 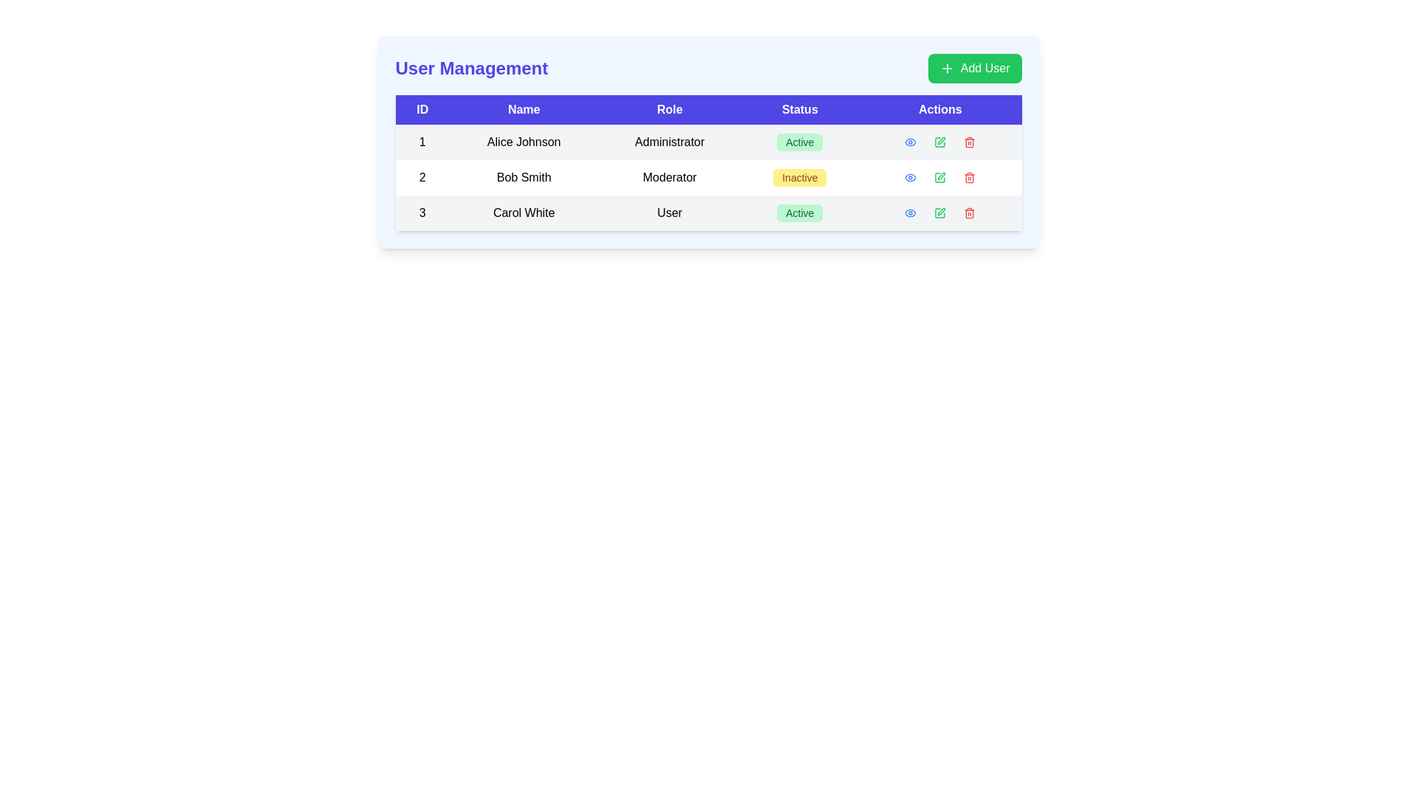 I want to click on the edit action icon, which is a green square with a pencil symbol, located in the 'Actions' column of the second row for user 'Bob Smith' with the 'Moderator' role, so click(x=939, y=176).